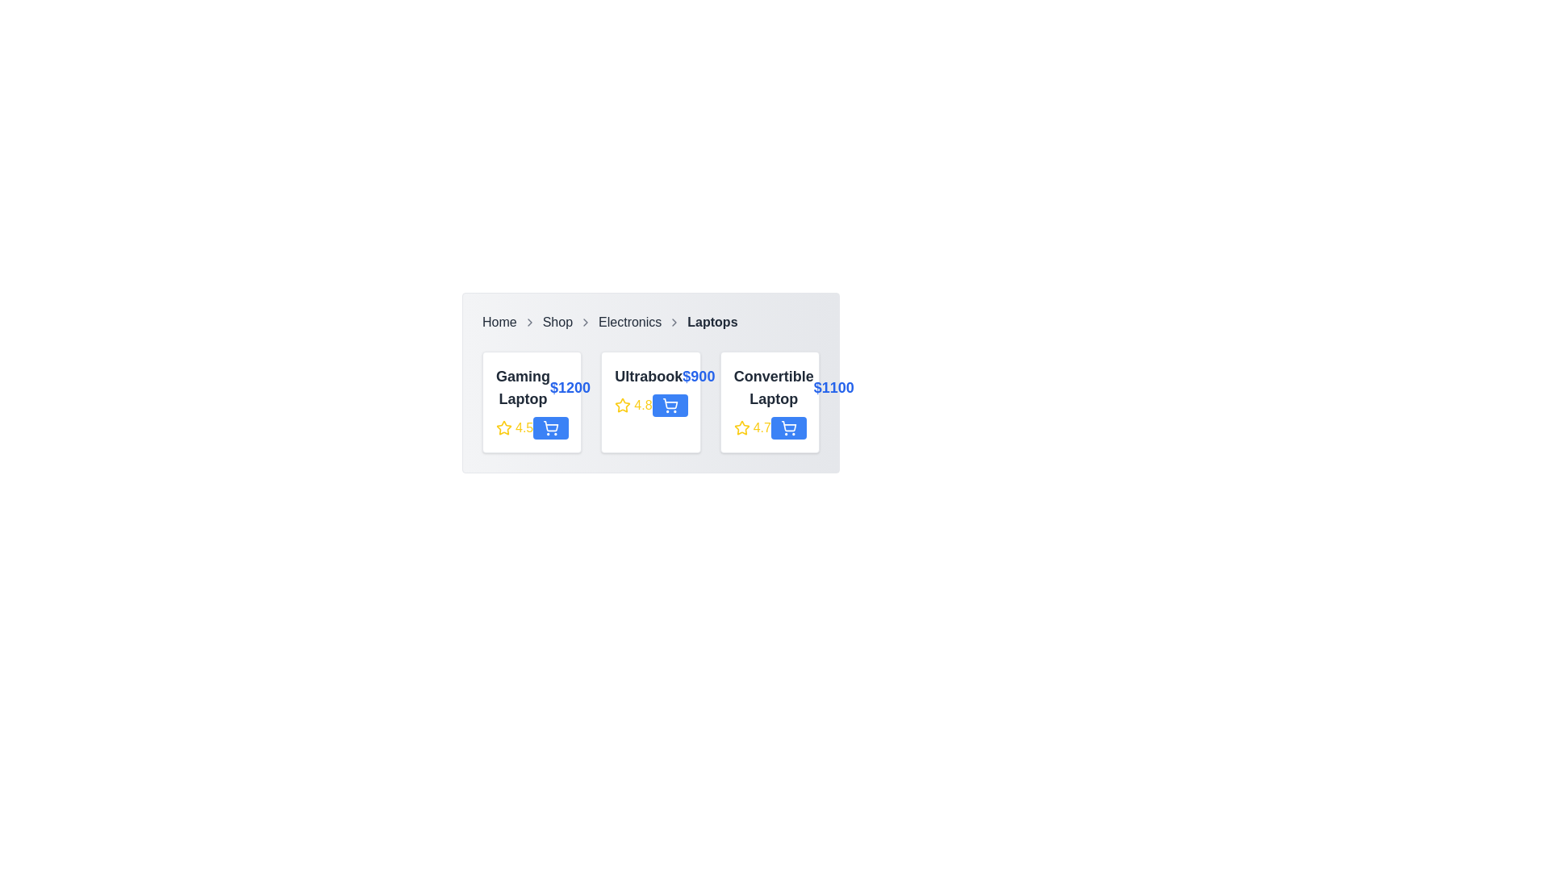 The height and width of the screenshot is (871, 1549). I want to click on the 'Gaming Laptop' product card, so click(532, 401).